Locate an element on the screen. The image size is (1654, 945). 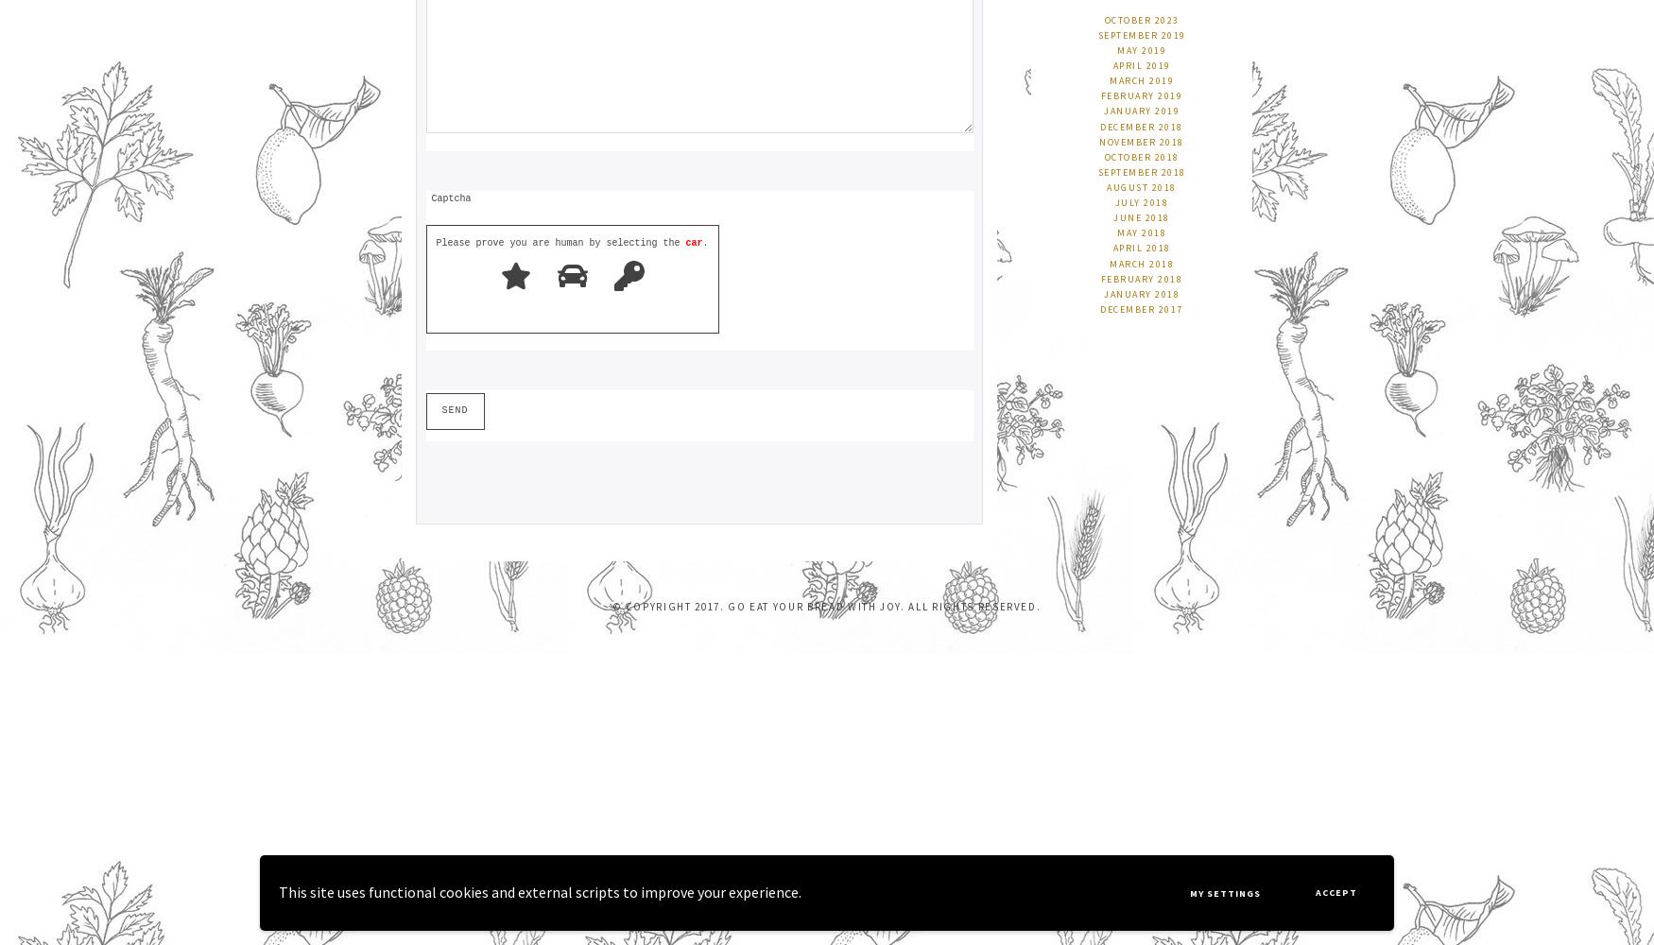
'September 2018' is located at coordinates (1141, 171).